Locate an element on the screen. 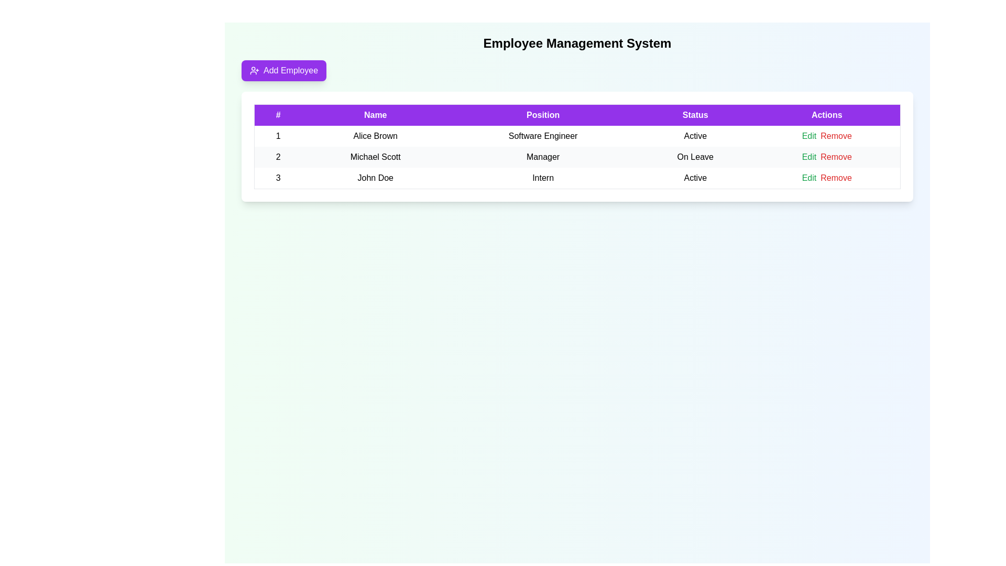 This screenshot has height=566, width=1006. the static text label displaying the number '1' for the row corresponding to 'Alice Brown', which is the first cell in the row under the heading '#' is located at coordinates (278, 135).